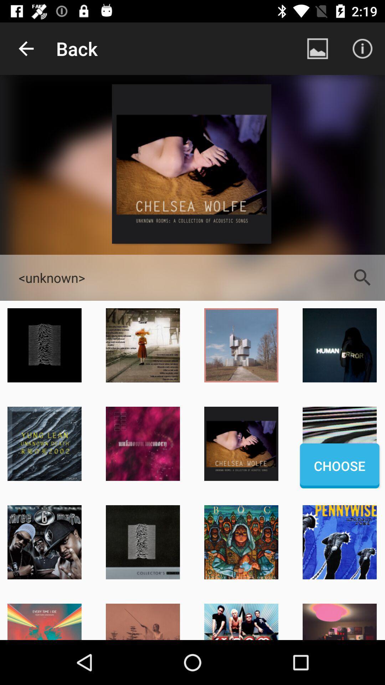 This screenshot has height=685, width=385. I want to click on the app to the right of the <unknown> item, so click(363, 277).